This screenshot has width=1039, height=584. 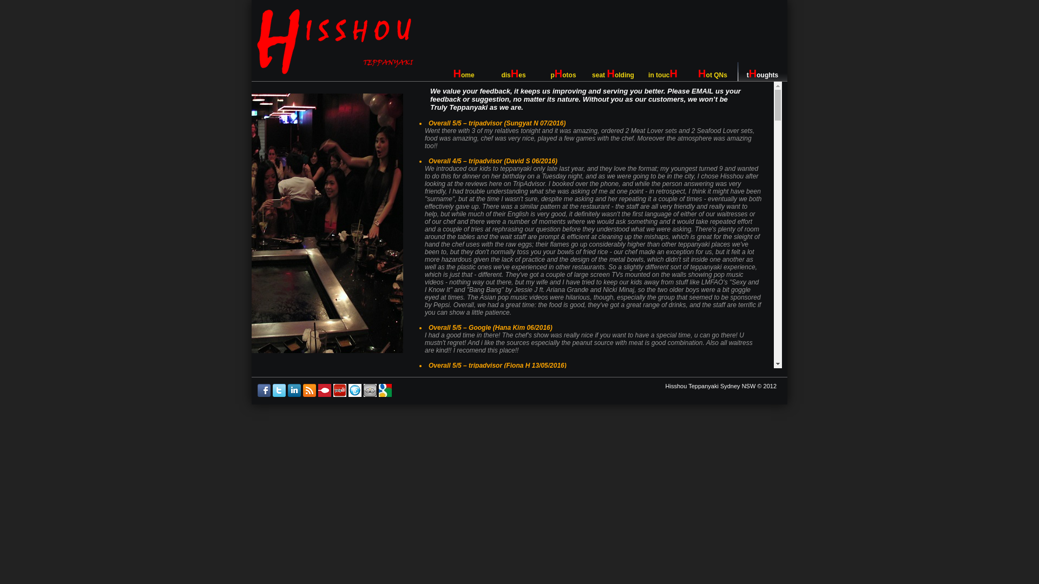 What do you see at coordinates (339, 394) in the screenshot?
I see `'yelp'` at bounding box center [339, 394].